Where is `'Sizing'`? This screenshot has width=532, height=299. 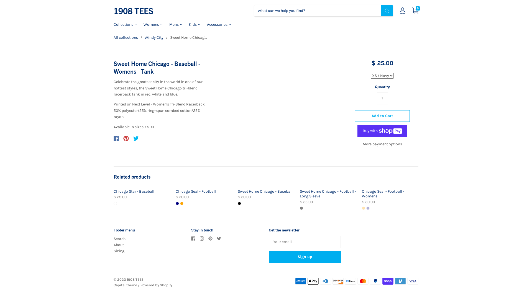 'Sizing' is located at coordinates (119, 251).